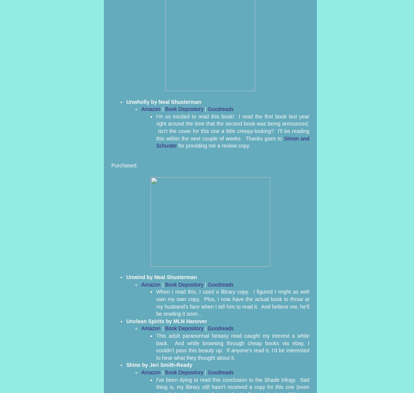 The image size is (414, 393). Describe the element at coordinates (163, 102) in the screenshot. I see `'Unwholly by Neal Shusterman'` at that location.